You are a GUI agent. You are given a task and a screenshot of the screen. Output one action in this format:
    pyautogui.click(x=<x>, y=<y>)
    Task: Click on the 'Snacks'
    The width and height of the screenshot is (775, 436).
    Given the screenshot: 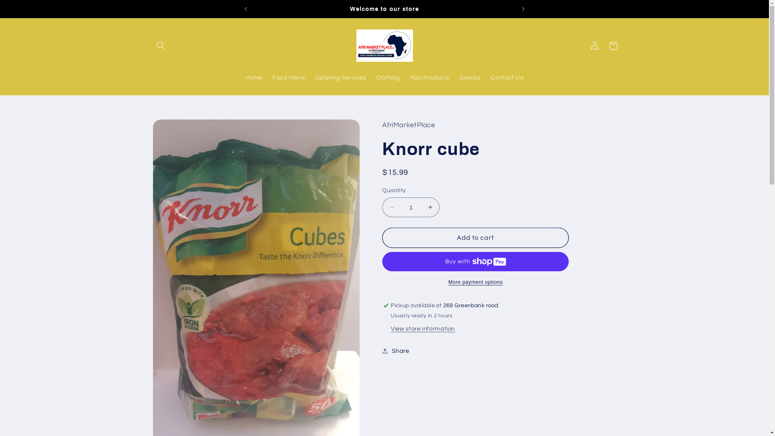 What is the action you would take?
    pyautogui.click(x=470, y=78)
    